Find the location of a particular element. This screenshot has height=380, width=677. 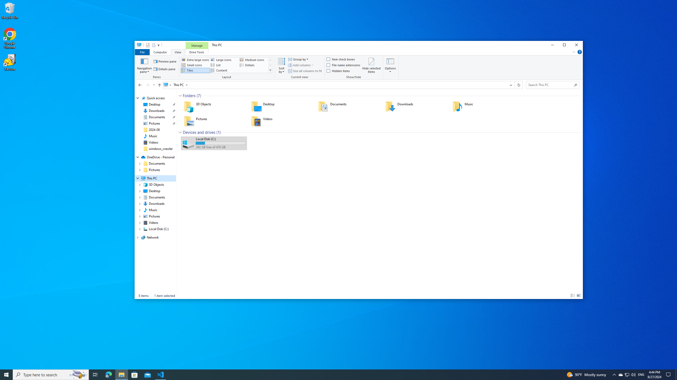

'Panes' is located at coordinates (157, 68).